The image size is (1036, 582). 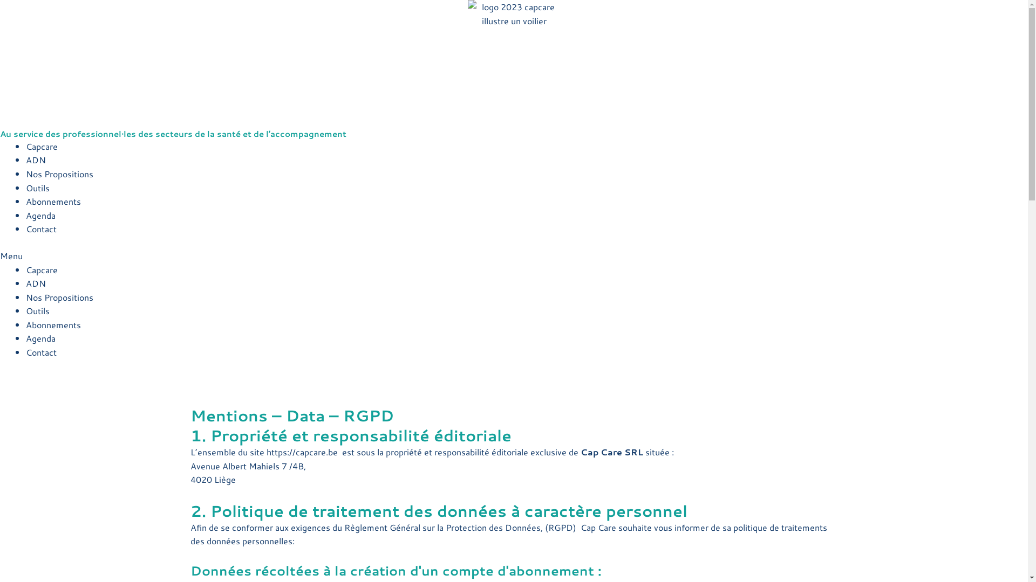 What do you see at coordinates (40, 215) in the screenshot?
I see `'Agenda'` at bounding box center [40, 215].